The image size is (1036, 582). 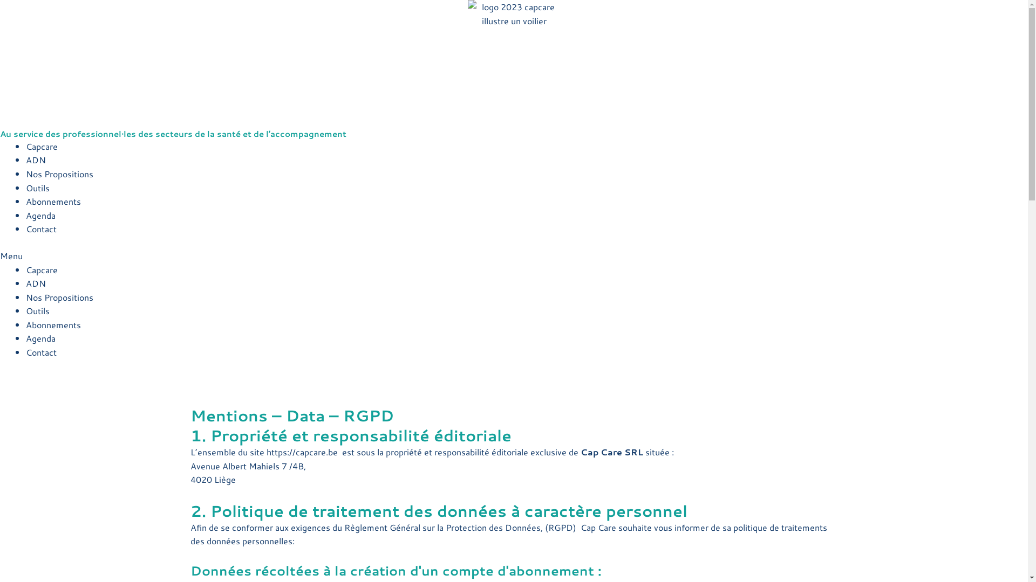 What do you see at coordinates (40, 215) in the screenshot?
I see `'Agenda'` at bounding box center [40, 215].